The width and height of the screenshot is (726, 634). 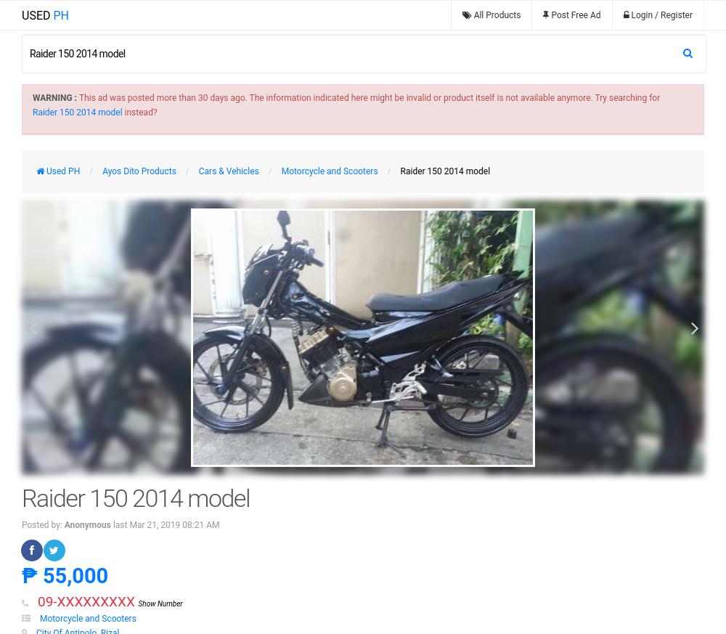 I want to click on 'Anonymous', so click(x=86, y=524).